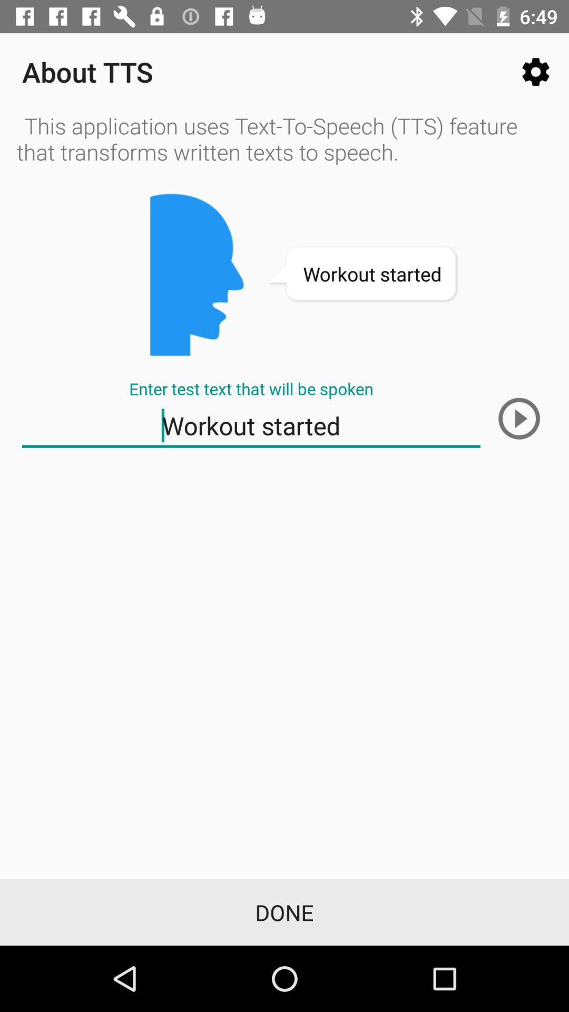  Describe the element at coordinates (518, 418) in the screenshot. I see `listen to text` at that location.